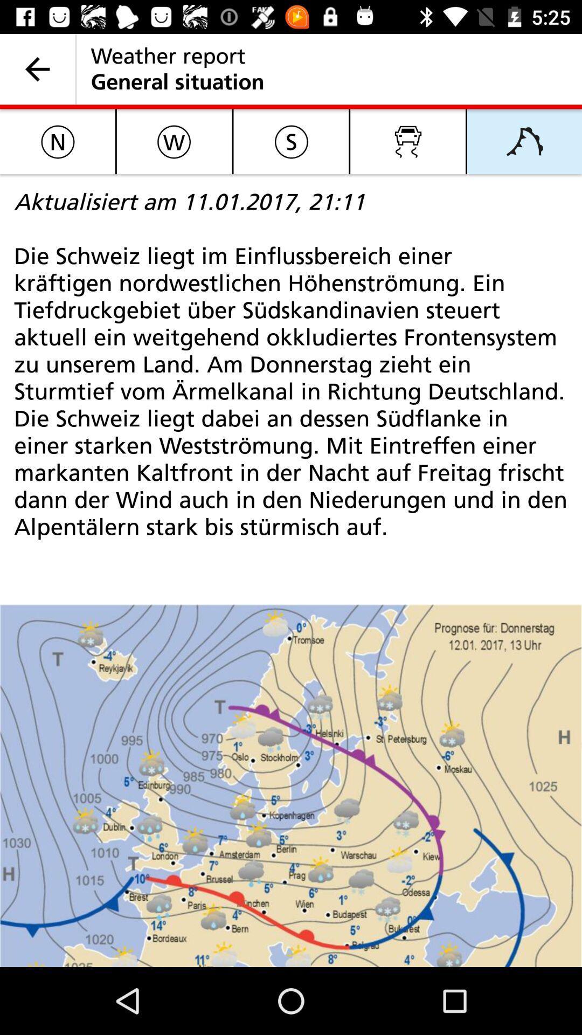 Image resolution: width=582 pixels, height=1035 pixels. Describe the element at coordinates (291, 141) in the screenshot. I see `icon above aktualisiert am 11 item` at that location.